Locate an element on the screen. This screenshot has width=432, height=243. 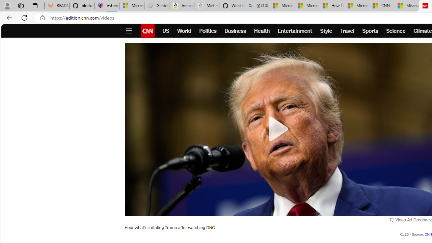
'CNN logo' is located at coordinates (147, 31).